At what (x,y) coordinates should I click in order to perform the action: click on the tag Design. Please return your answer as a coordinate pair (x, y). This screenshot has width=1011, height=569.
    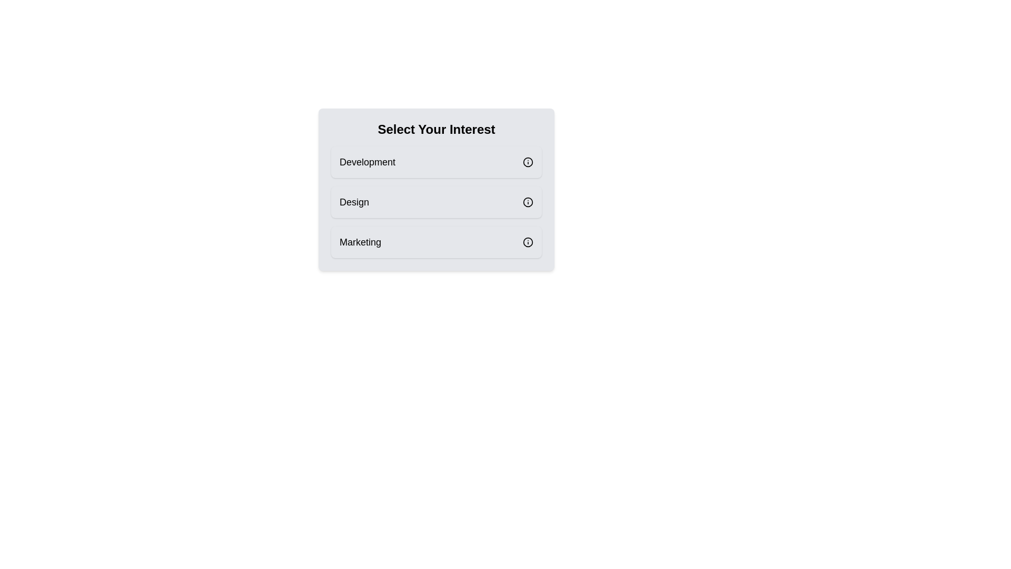
    Looking at the image, I should click on (437, 202).